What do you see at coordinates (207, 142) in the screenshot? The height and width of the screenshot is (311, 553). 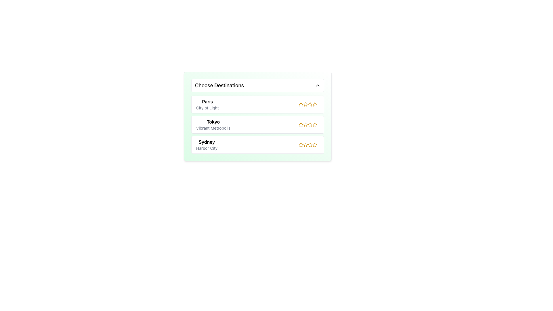 I see `the text label 'Sydney' in the third item of the 'Choose Destinations' list, which identifies the destination and is aligned to the left above 'Harbor City'` at bounding box center [207, 142].